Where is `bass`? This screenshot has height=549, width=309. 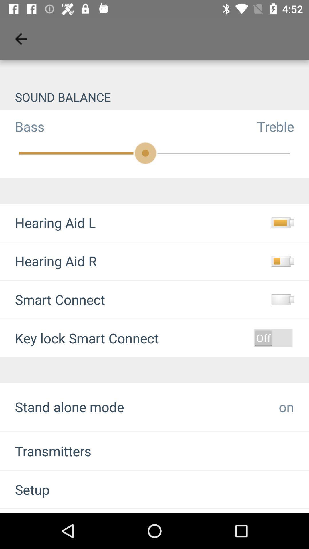 bass is located at coordinates (22, 126).